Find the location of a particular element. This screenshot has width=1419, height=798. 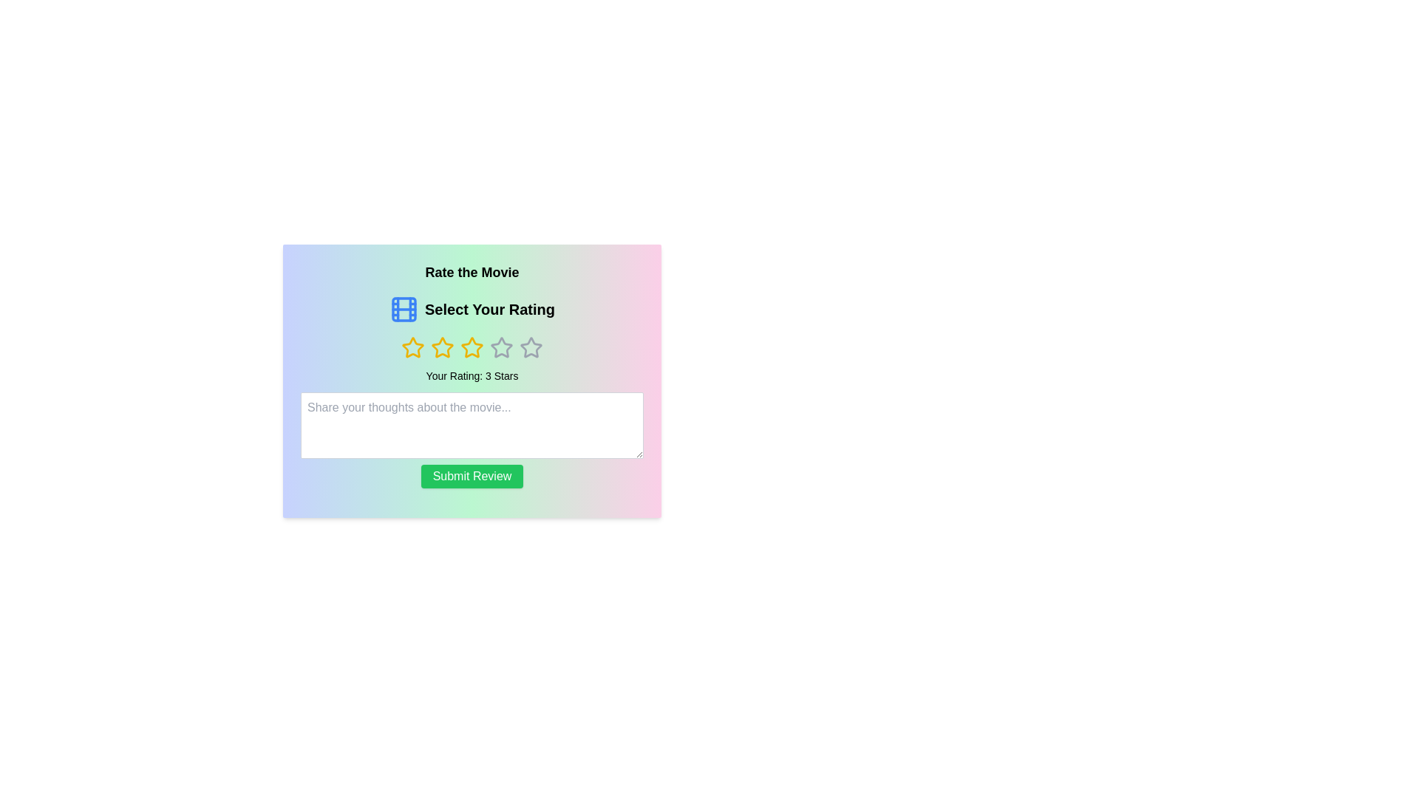

the fourth unselected rating star, which is a hollow star with a light gray outline is located at coordinates (531, 347).